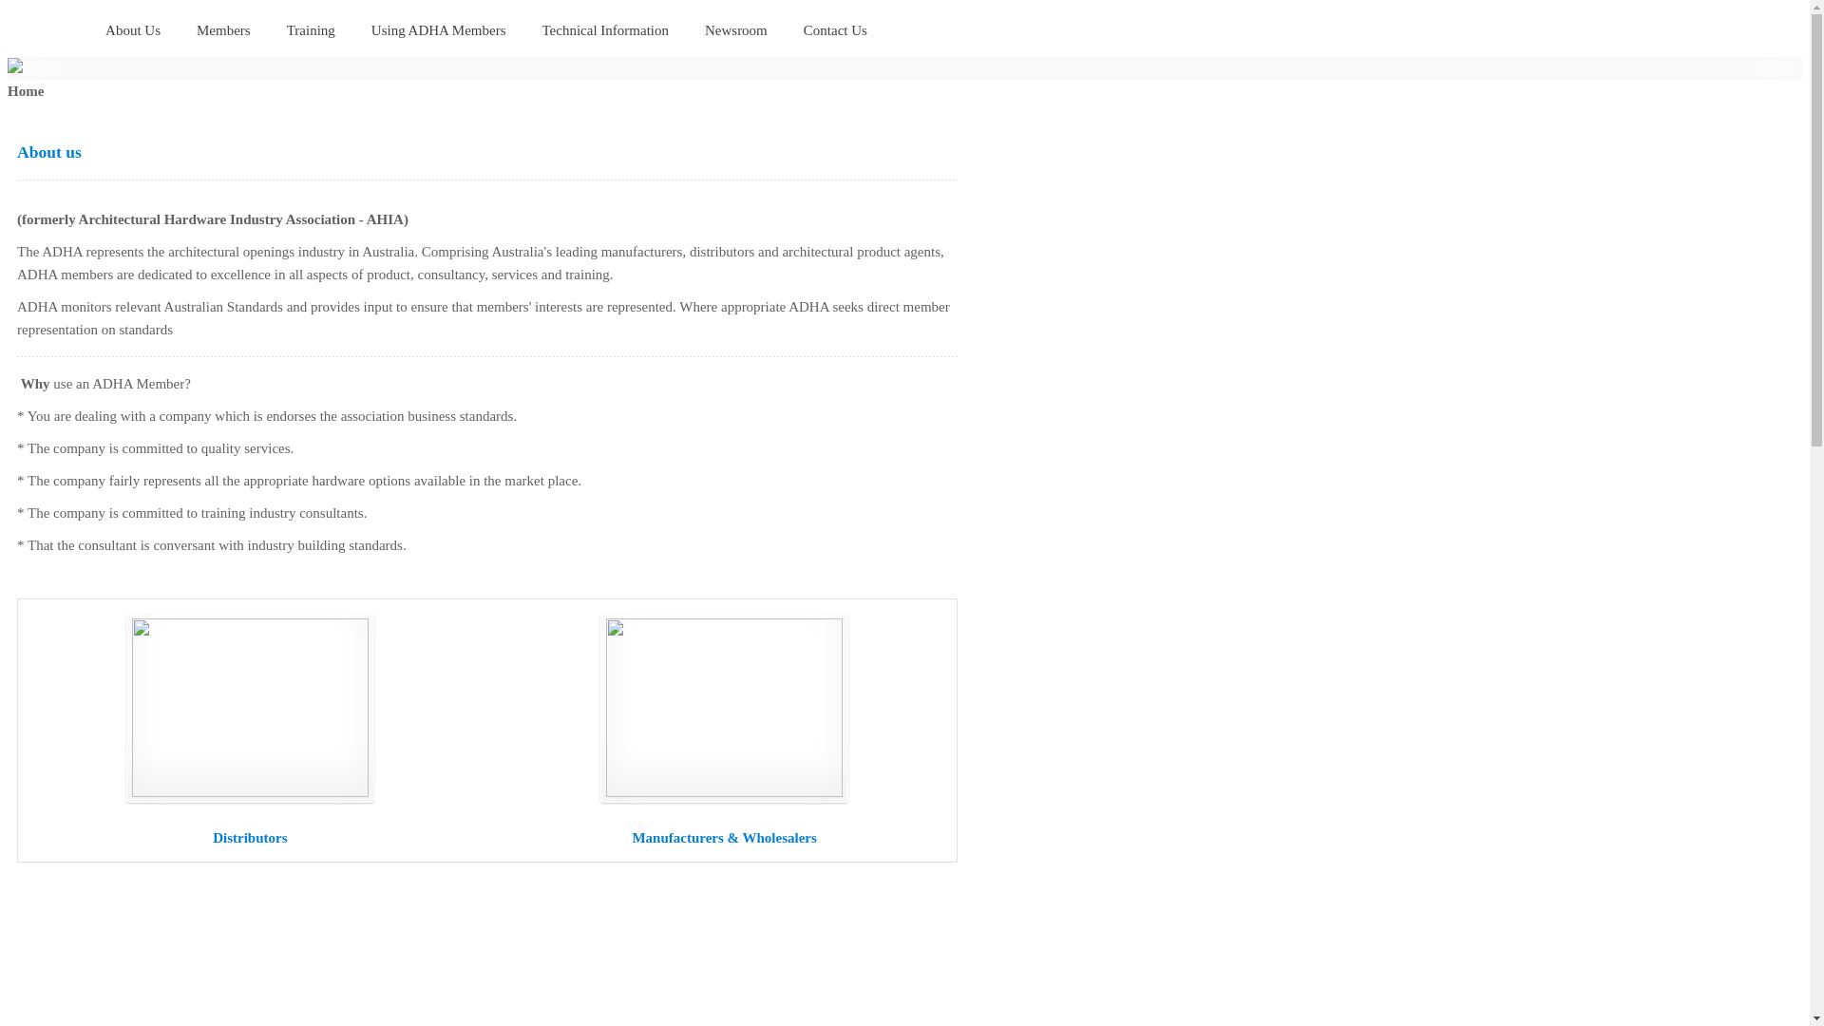  I want to click on 'Contact Us', so click(836, 31).